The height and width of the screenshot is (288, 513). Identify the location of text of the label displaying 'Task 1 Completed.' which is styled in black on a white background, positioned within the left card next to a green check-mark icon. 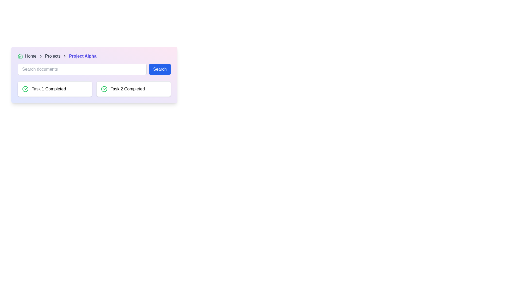
(49, 89).